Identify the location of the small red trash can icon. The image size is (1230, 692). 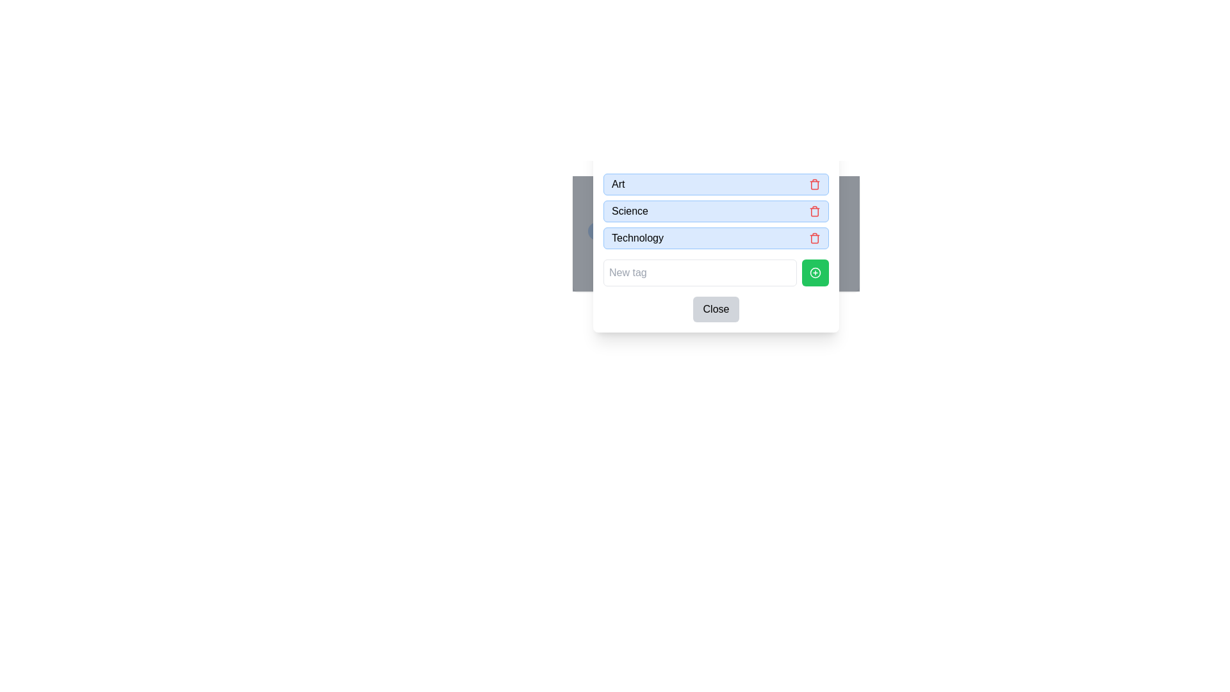
(814, 238).